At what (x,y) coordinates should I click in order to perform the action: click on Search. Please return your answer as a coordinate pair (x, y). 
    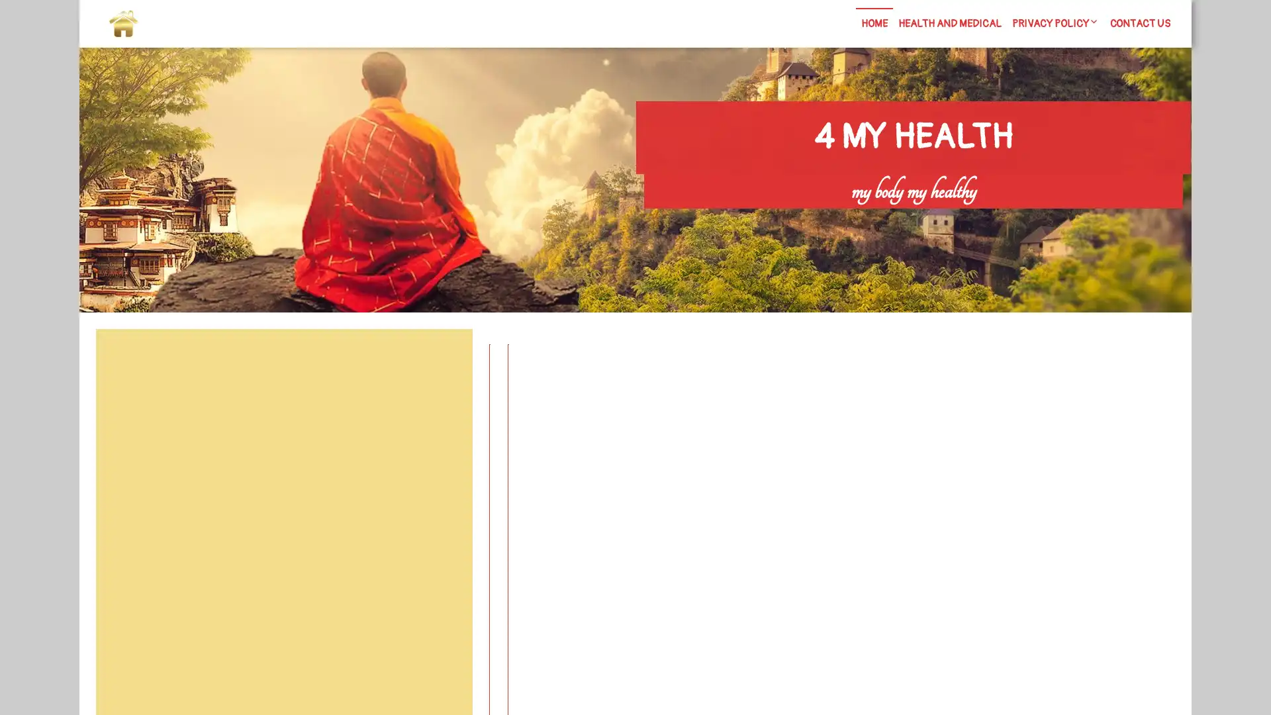
    Looking at the image, I should click on (442, 361).